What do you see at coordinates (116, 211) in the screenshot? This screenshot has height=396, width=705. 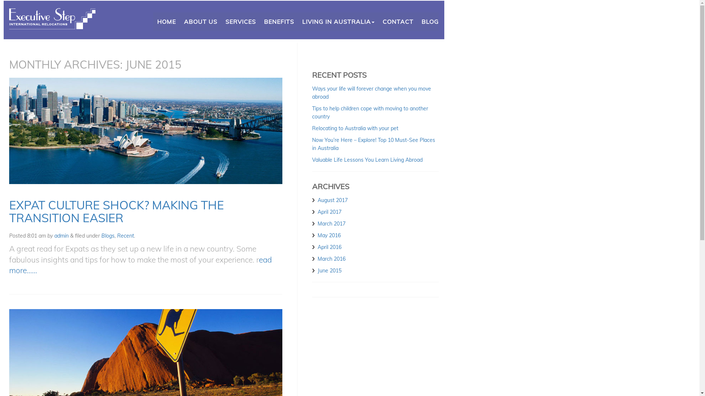 I see `'EXPAT CULTURE SHOCK? MAKING THE TRANSITION EASIER'` at bounding box center [116, 211].